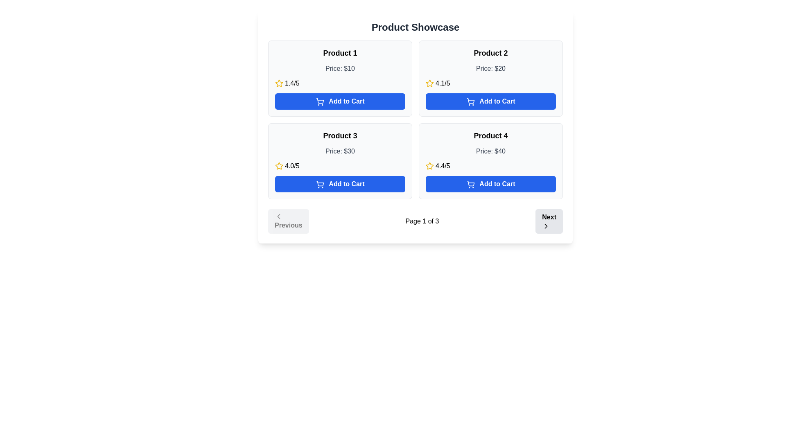  I want to click on displayed average rating '1.4/5' located to the right of the star icon in the 'Product 1' card within the grid layout, so click(292, 83).